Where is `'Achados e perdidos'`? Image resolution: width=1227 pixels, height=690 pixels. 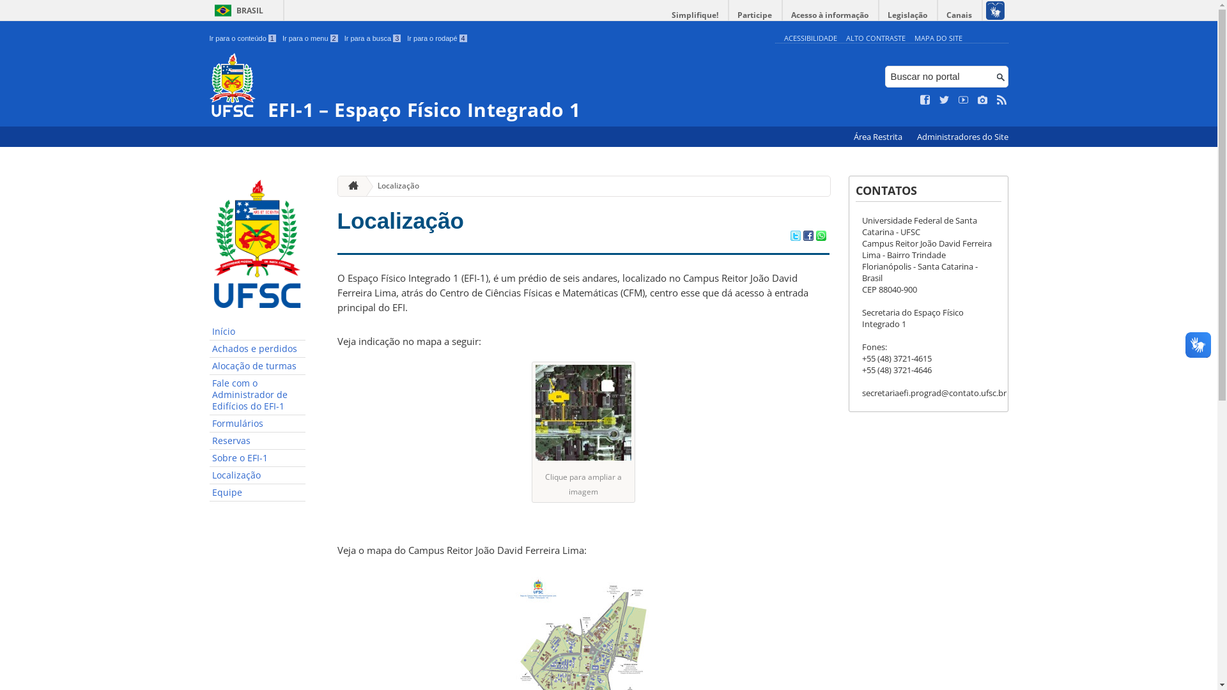 'Achados e perdidos' is located at coordinates (257, 349).